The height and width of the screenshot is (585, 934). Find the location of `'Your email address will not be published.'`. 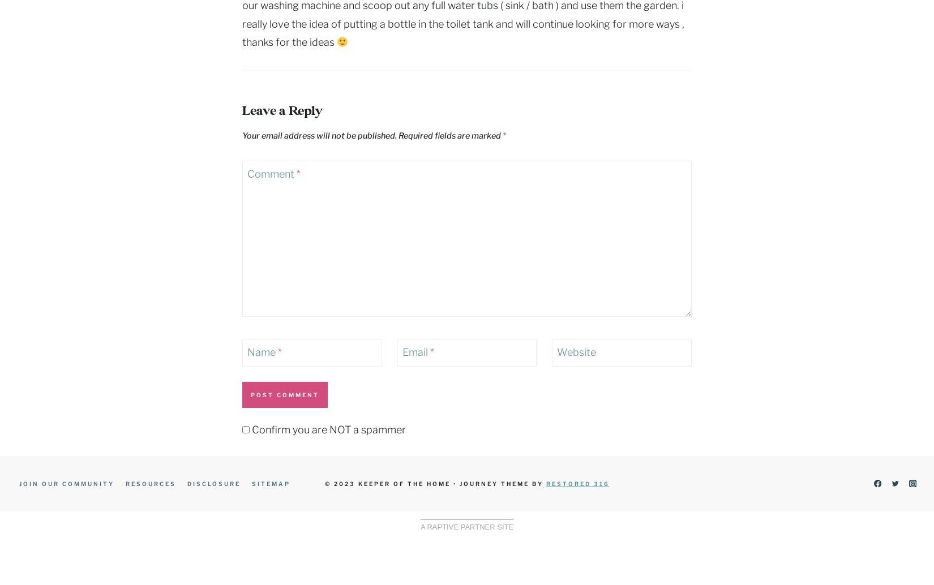

'Your email address will not be published.' is located at coordinates (319, 135).